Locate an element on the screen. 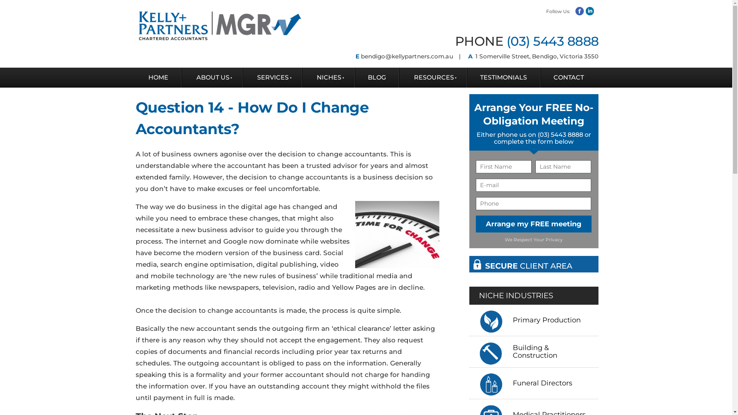 This screenshot has width=738, height=415. 'Arrange my FREE meeting' is located at coordinates (533, 224).